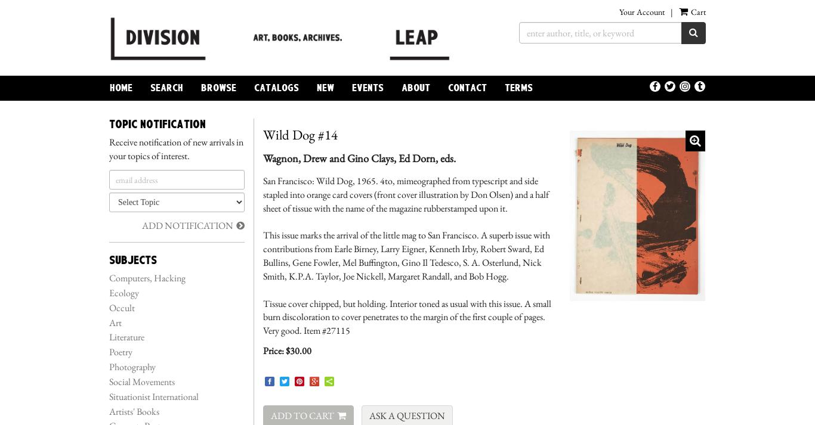  I want to click on 'Ask a Question', so click(368, 415).